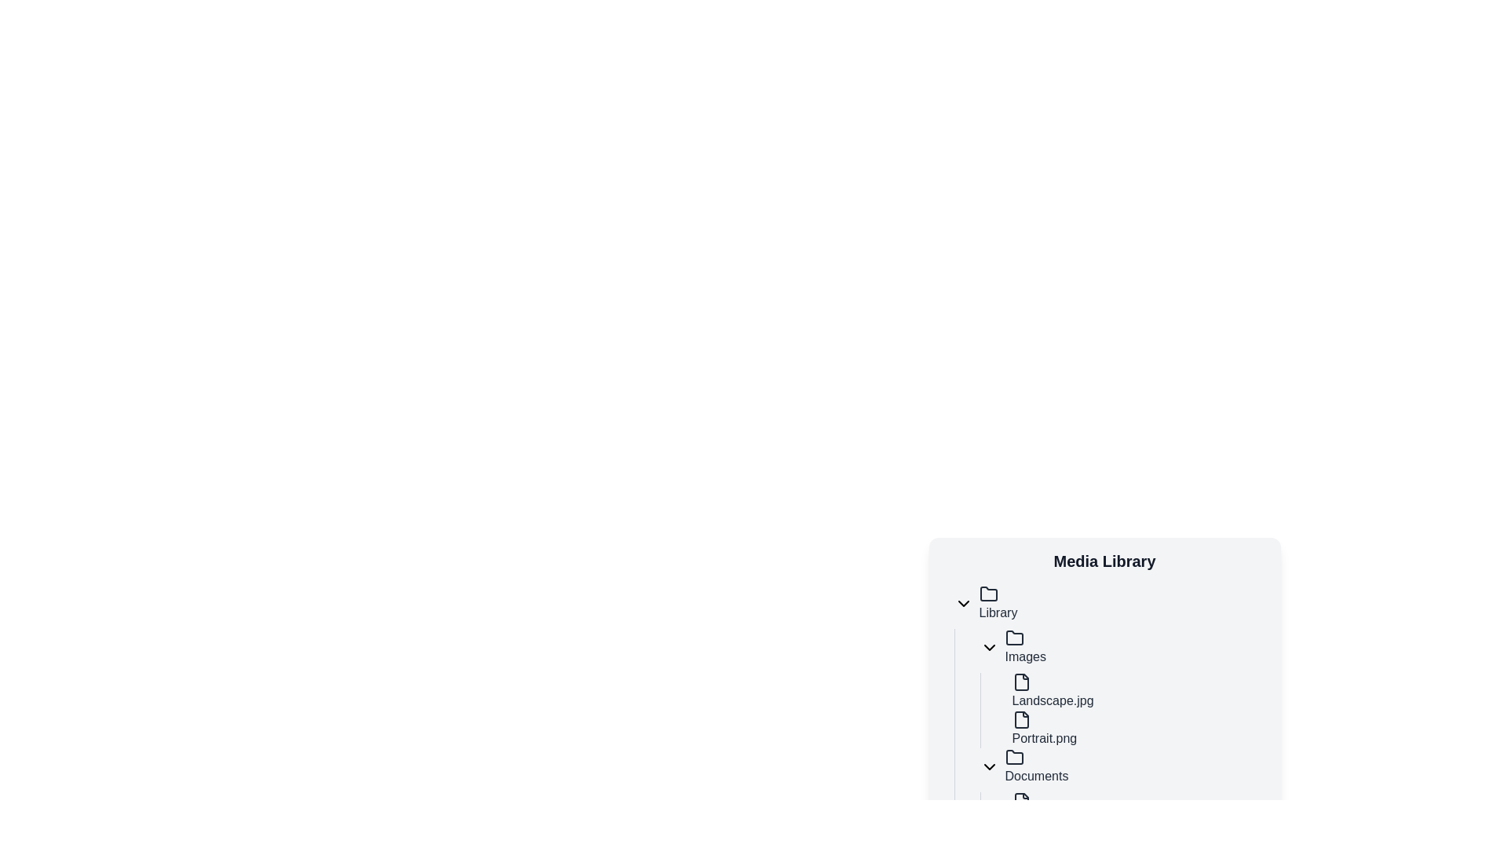 This screenshot has height=848, width=1507. I want to click on the folder icon in the media library interface, which is a minimalist graphical depiction of a folder adjacent to the text 'Library', so click(987, 594).